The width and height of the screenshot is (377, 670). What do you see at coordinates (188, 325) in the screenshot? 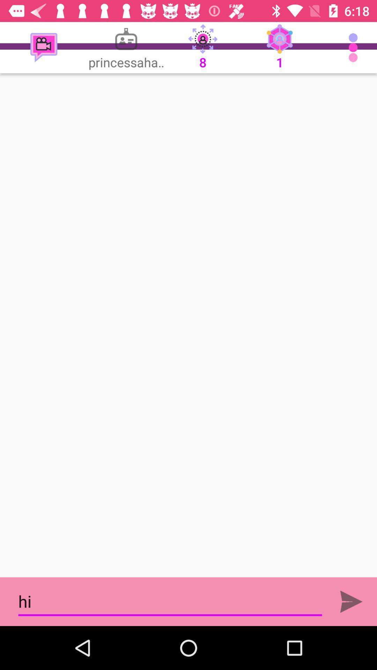
I see `full display` at bounding box center [188, 325].